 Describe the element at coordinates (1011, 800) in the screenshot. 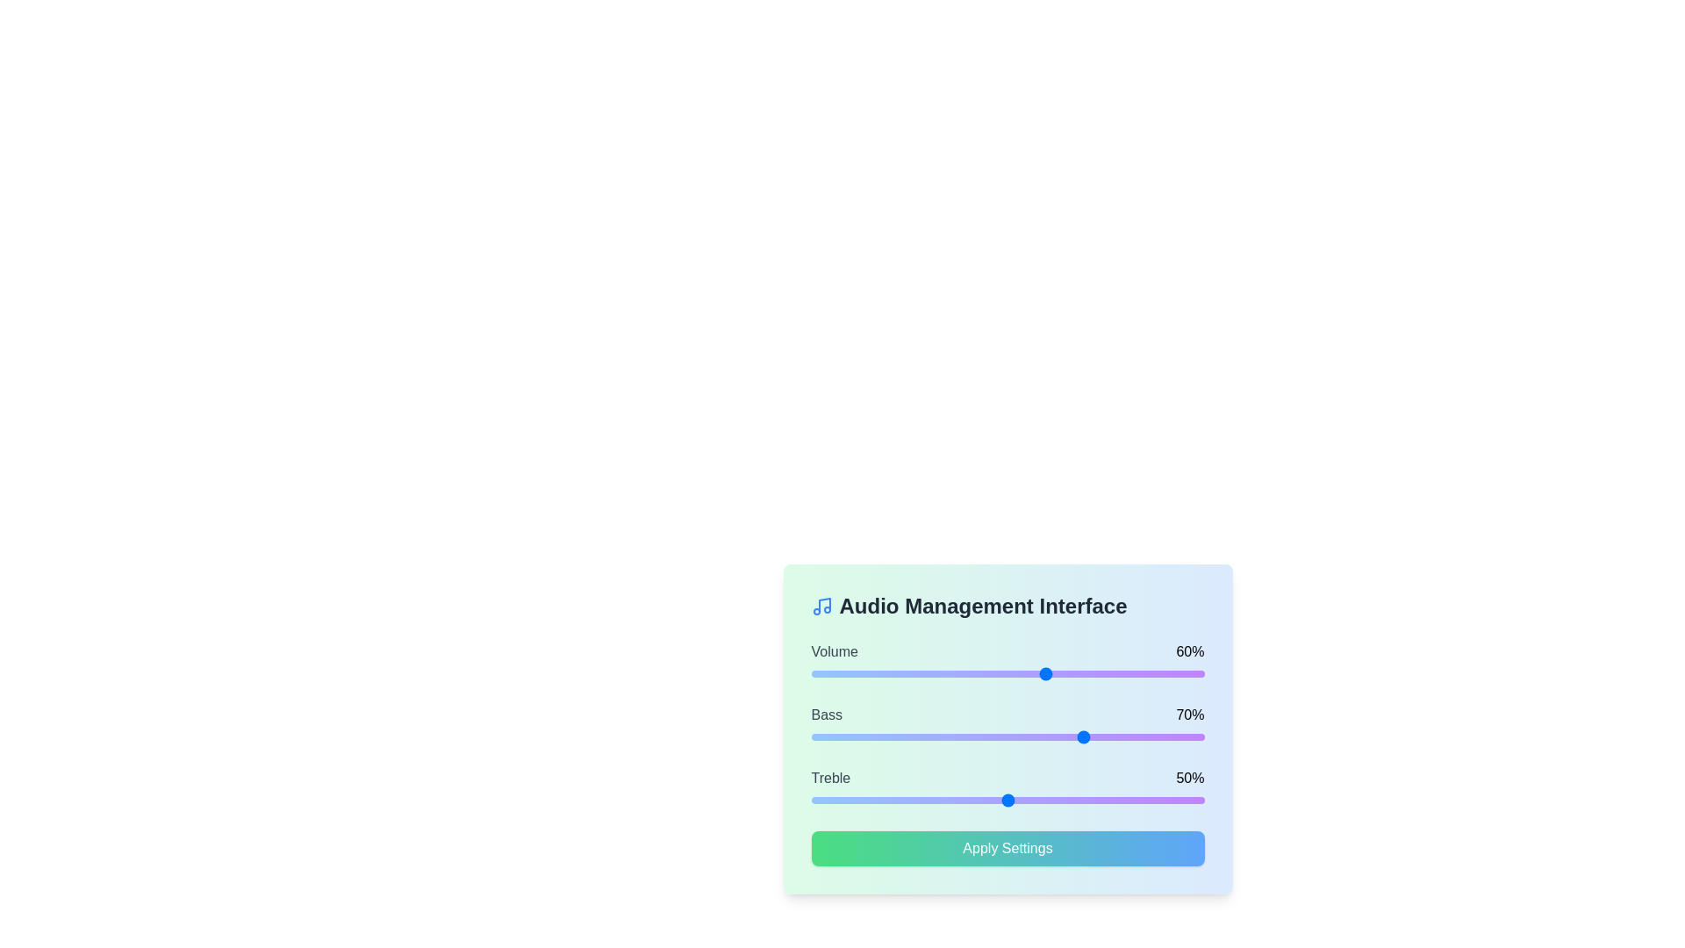

I see `the treble level` at that location.